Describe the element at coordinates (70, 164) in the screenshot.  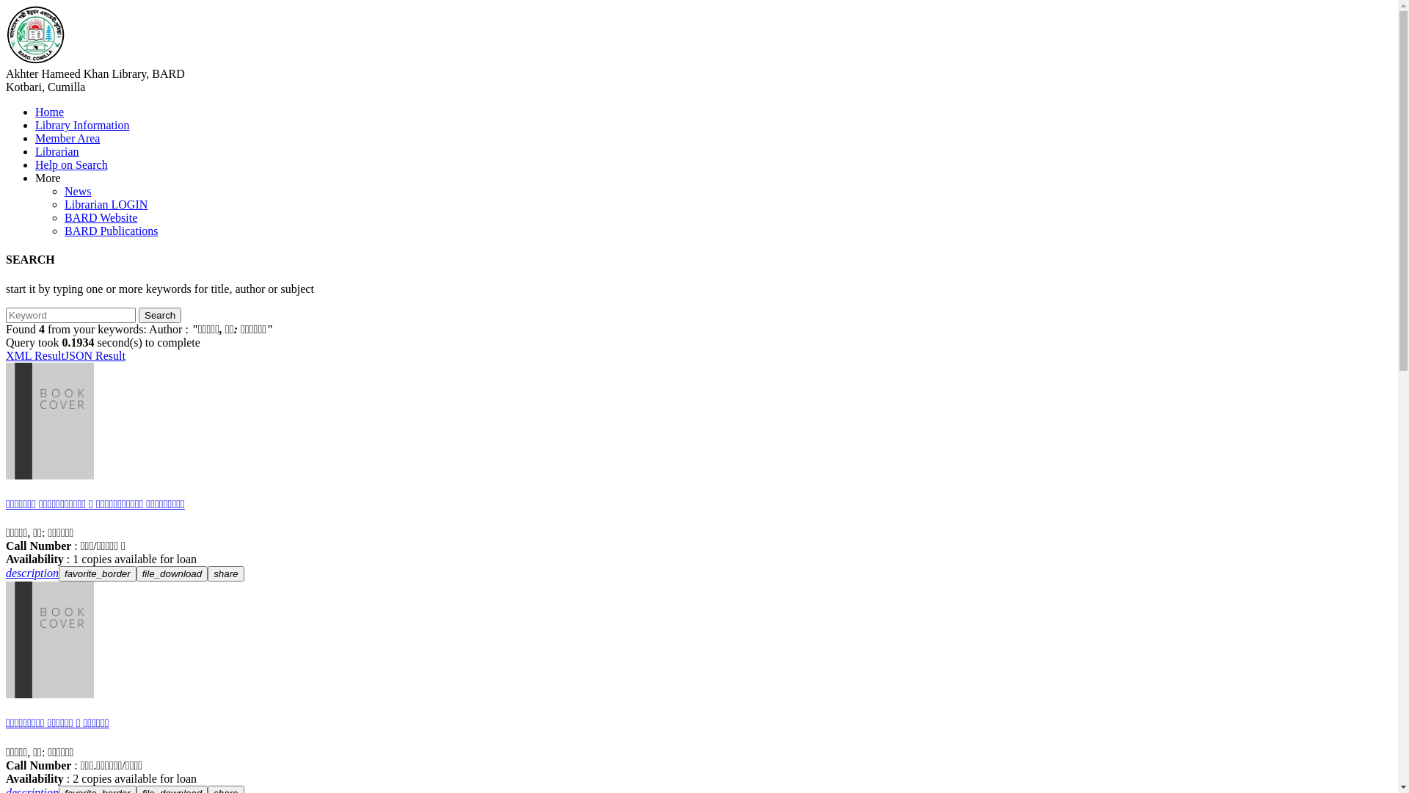
I see `'Help on Search'` at that location.